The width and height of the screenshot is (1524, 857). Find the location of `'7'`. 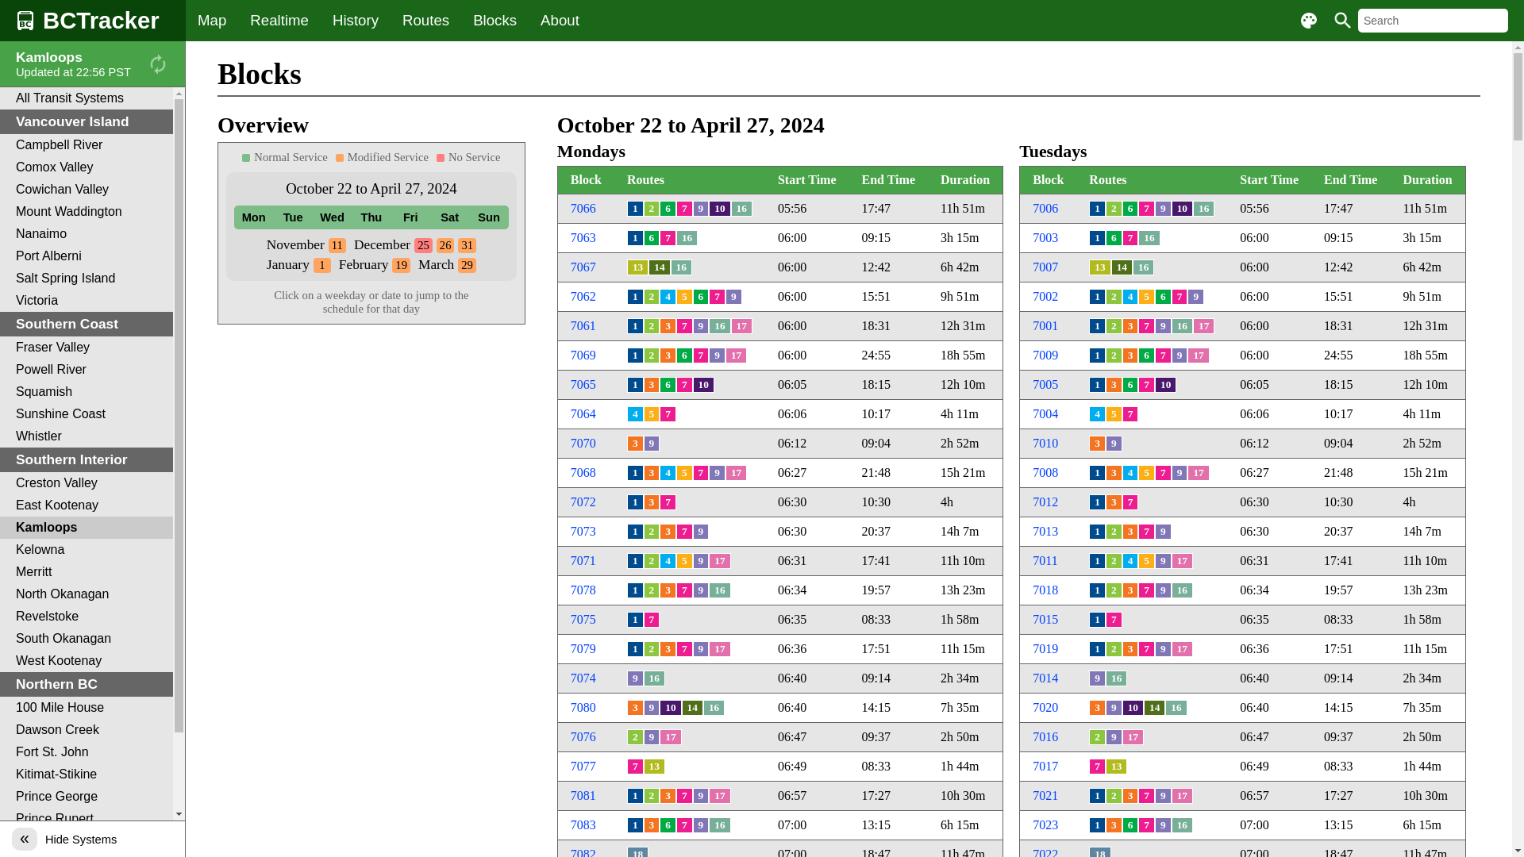

'7' is located at coordinates (652, 618).